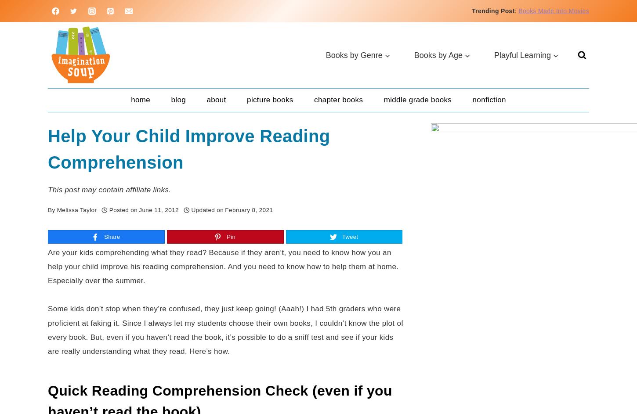  I want to click on 'home', so click(141, 100).